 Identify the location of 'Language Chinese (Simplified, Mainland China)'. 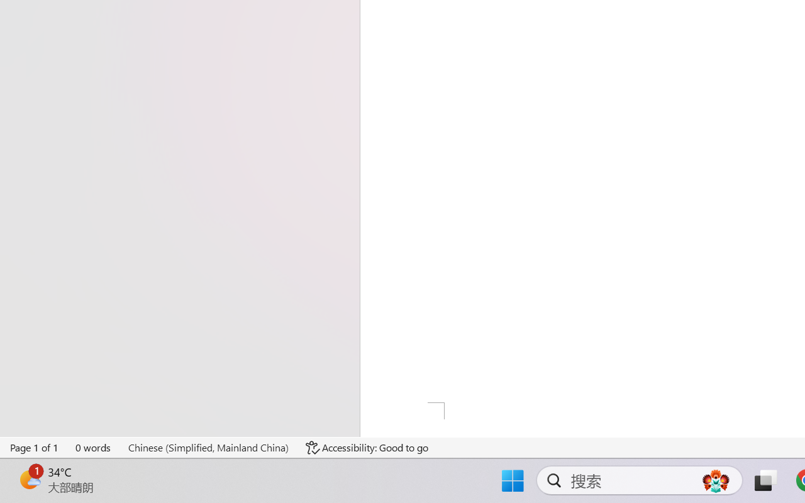
(208, 447).